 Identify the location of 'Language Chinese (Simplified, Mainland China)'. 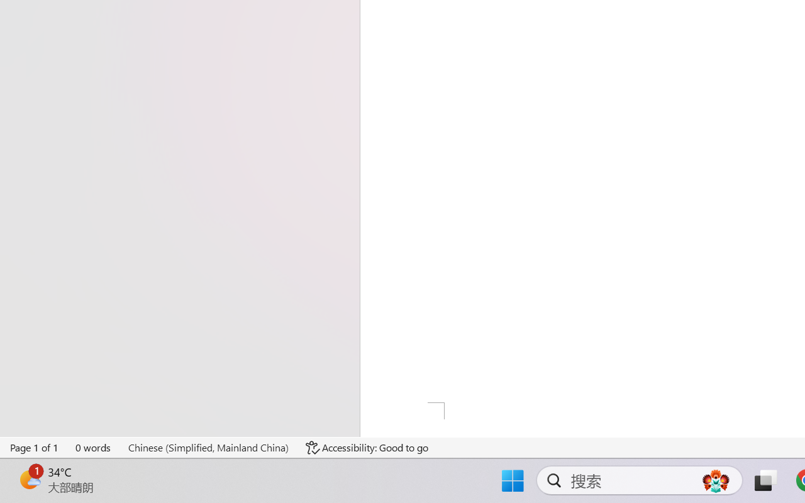
(208, 447).